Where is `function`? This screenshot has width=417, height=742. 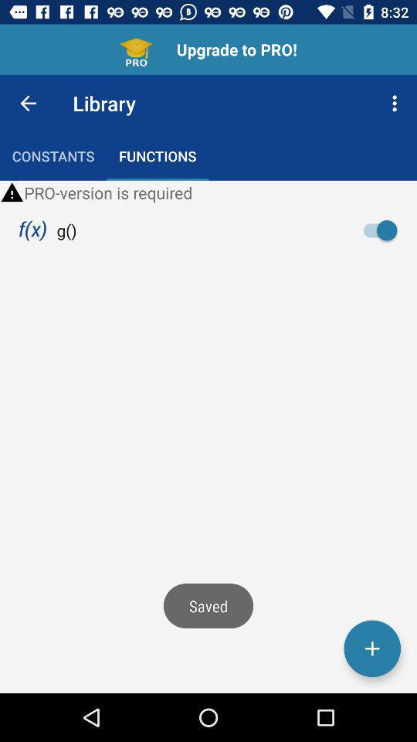 function is located at coordinates (371, 648).